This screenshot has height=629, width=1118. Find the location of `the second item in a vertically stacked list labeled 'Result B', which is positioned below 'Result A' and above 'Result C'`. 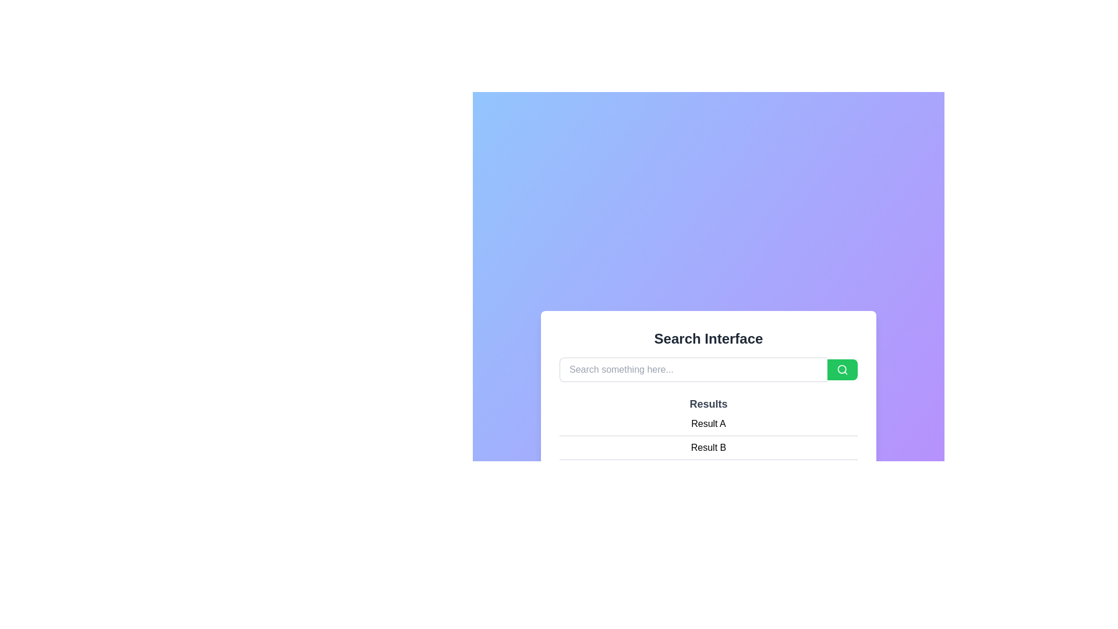

the second item in a vertically stacked list labeled 'Result B', which is positioned below 'Result A' and above 'Result C' is located at coordinates (708, 447).